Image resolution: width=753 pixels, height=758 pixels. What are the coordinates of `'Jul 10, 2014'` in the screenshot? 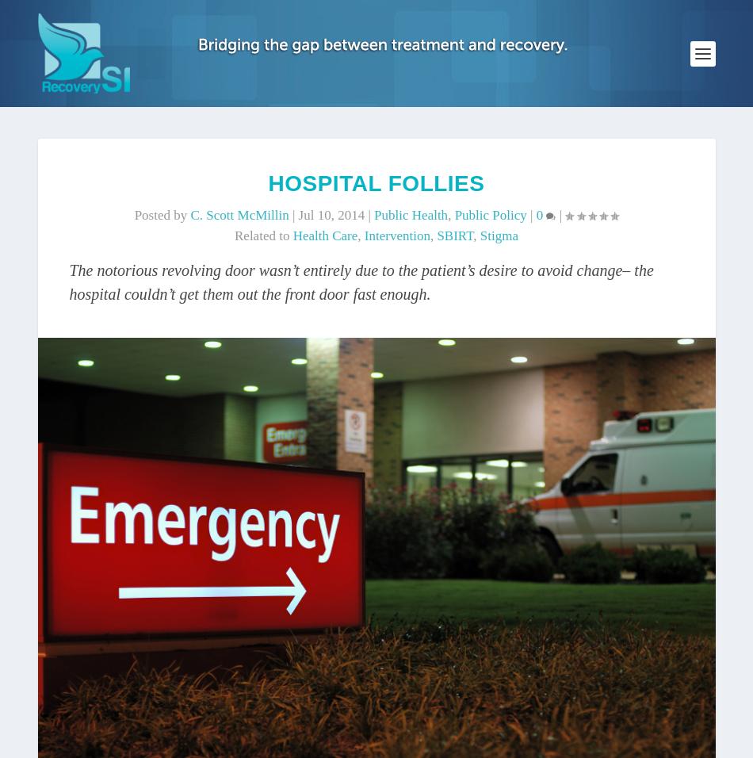 It's located at (297, 213).